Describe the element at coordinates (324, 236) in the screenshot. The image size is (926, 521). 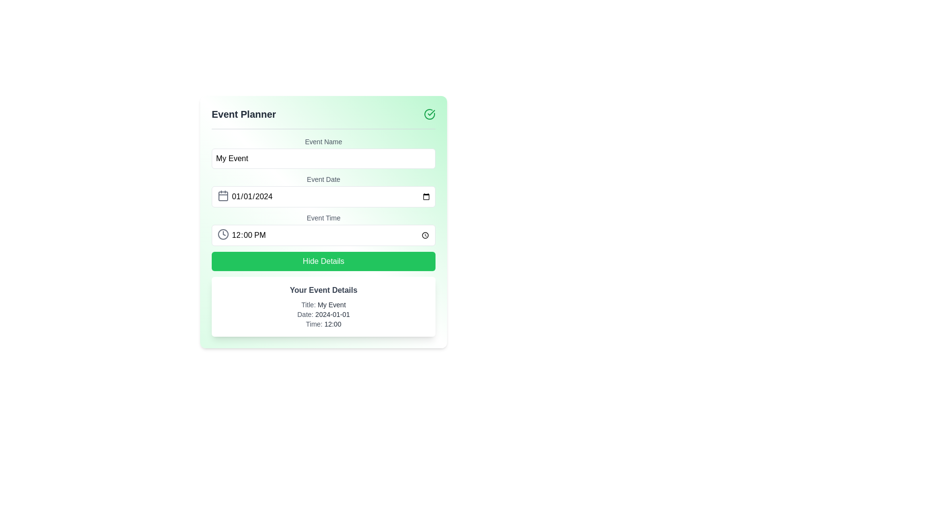
I see `within the interactive form section` at that location.